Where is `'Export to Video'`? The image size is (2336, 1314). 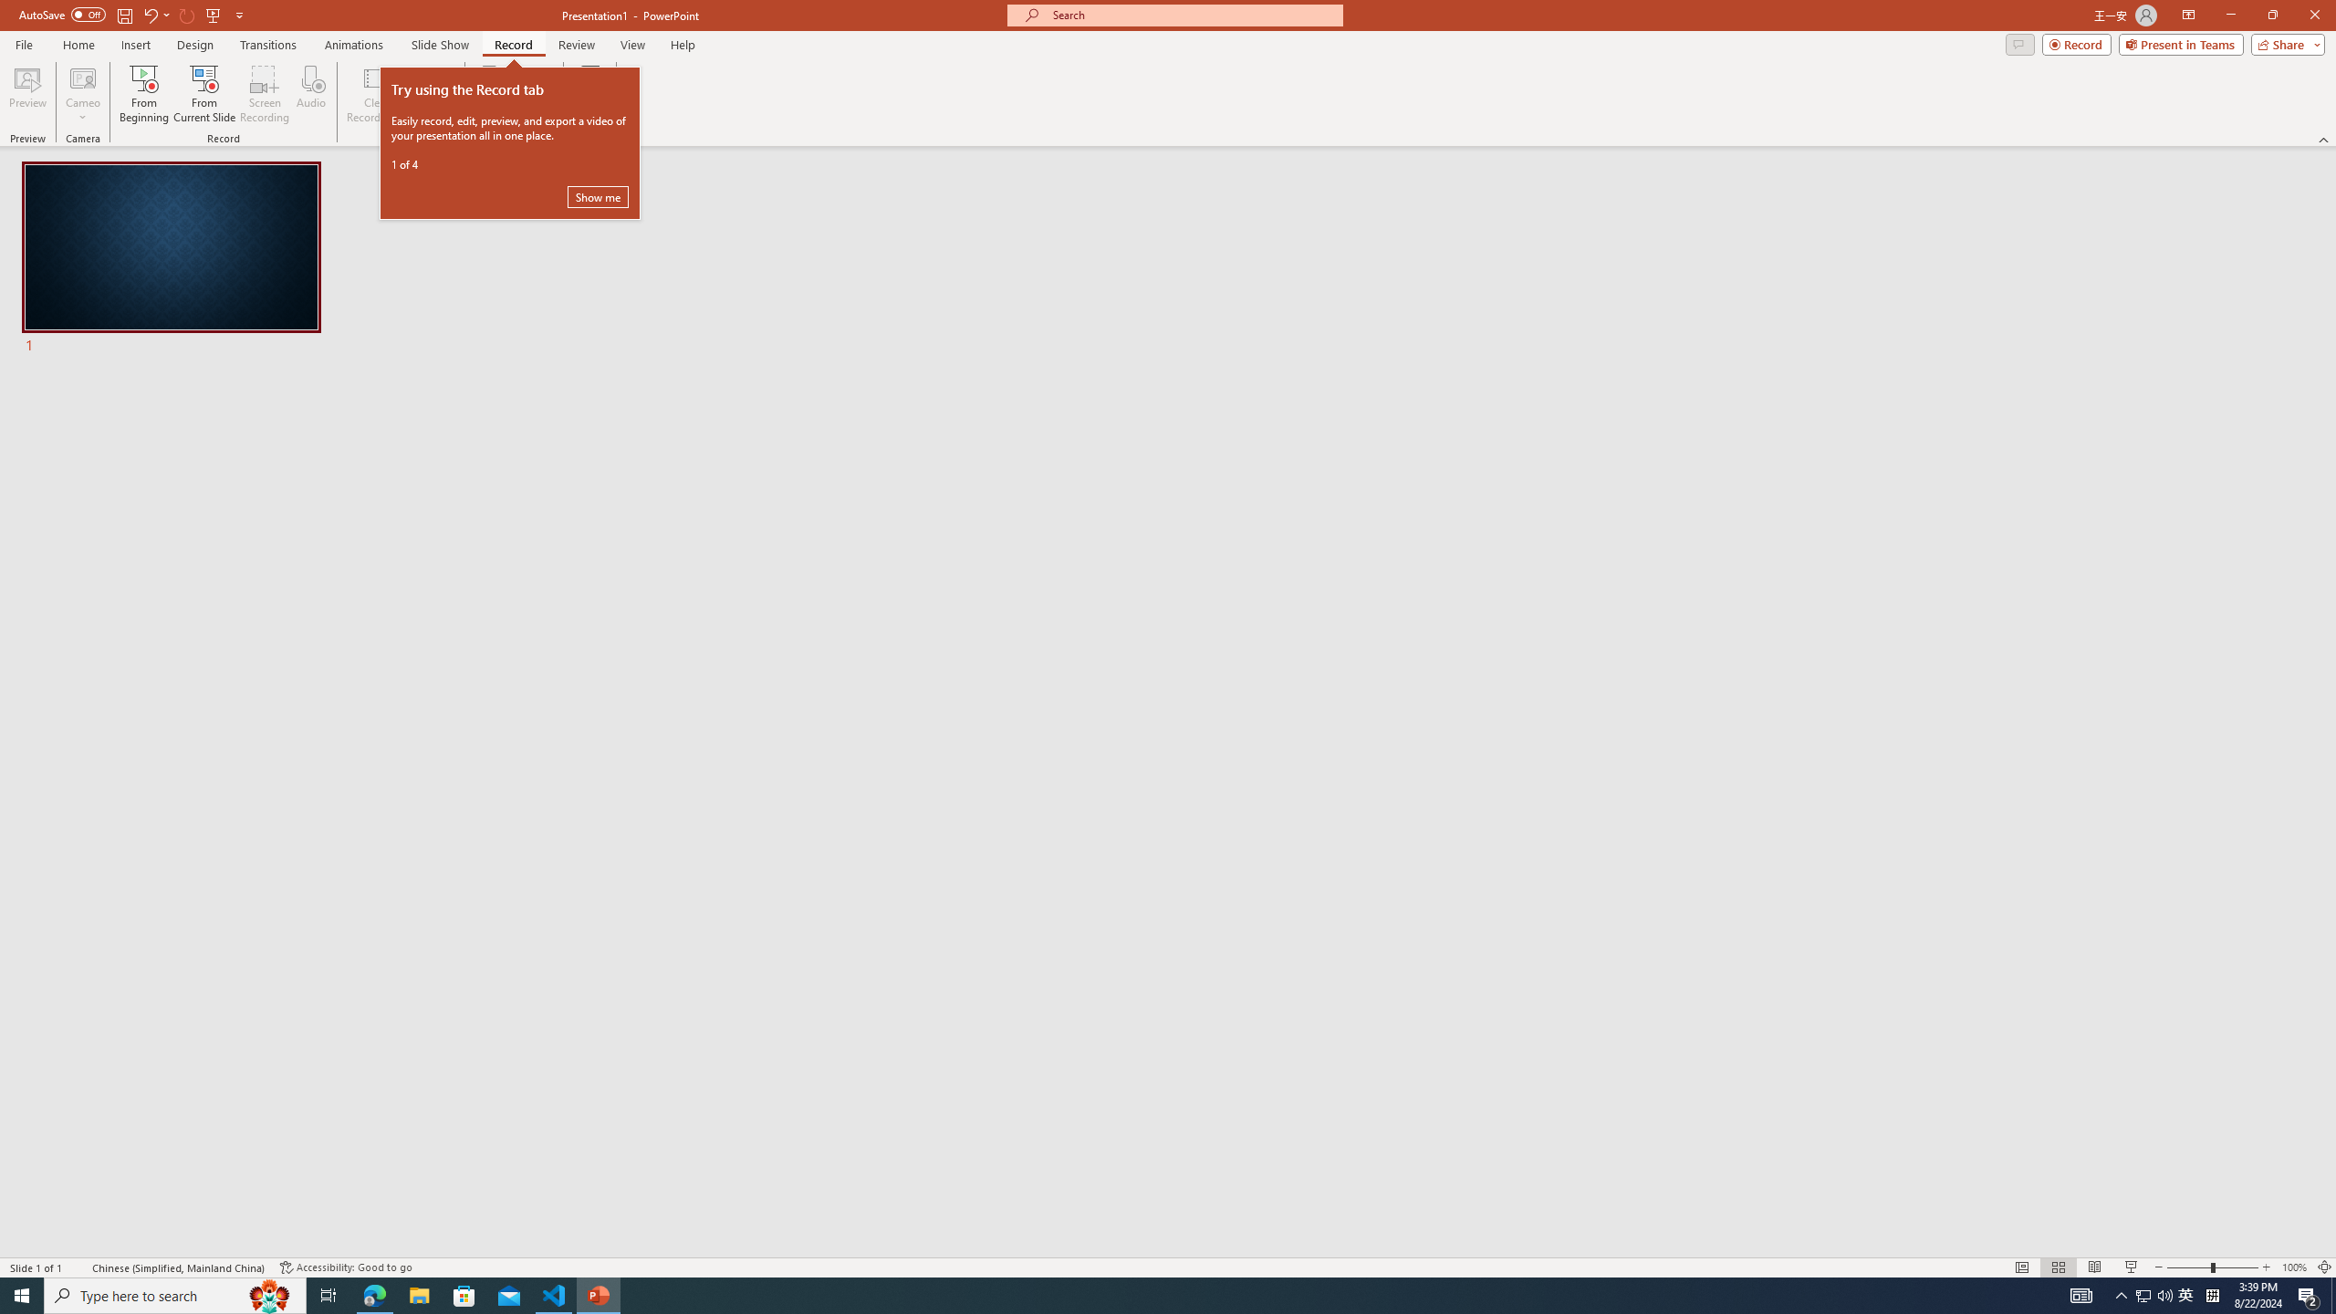
'Export to Video' is located at coordinates (532, 94).